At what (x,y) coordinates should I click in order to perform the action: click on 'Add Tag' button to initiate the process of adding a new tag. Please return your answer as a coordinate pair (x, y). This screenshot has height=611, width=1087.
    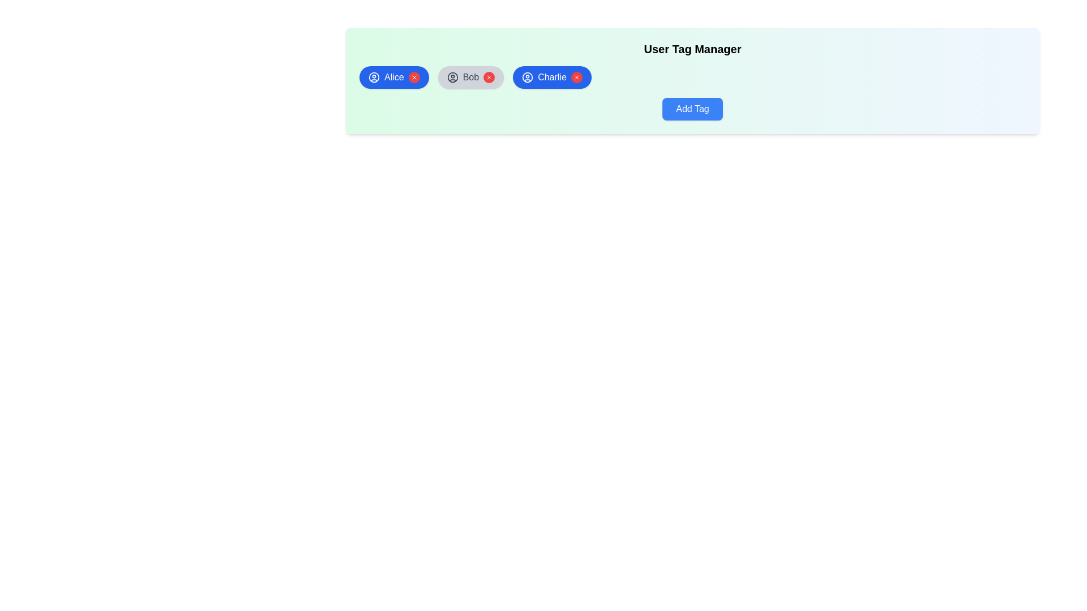
    Looking at the image, I should click on (692, 109).